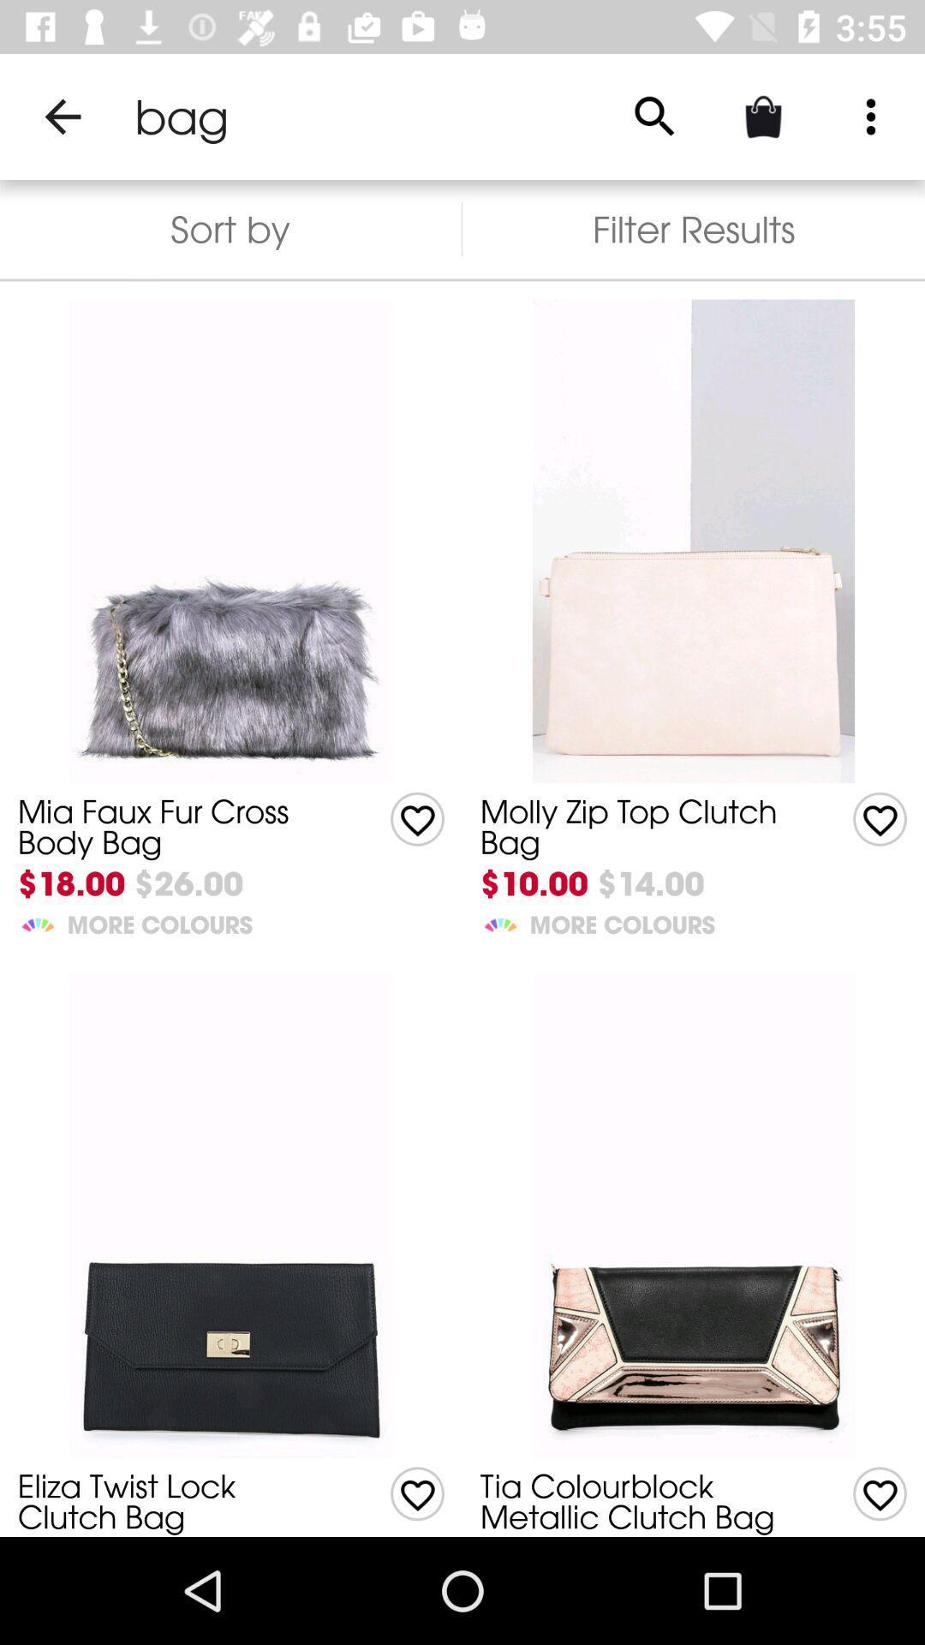  What do you see at coordinates (417, 818) in the screenshot?
I see `like the molly zip top clutch bag` at bounding box center [417, 818].